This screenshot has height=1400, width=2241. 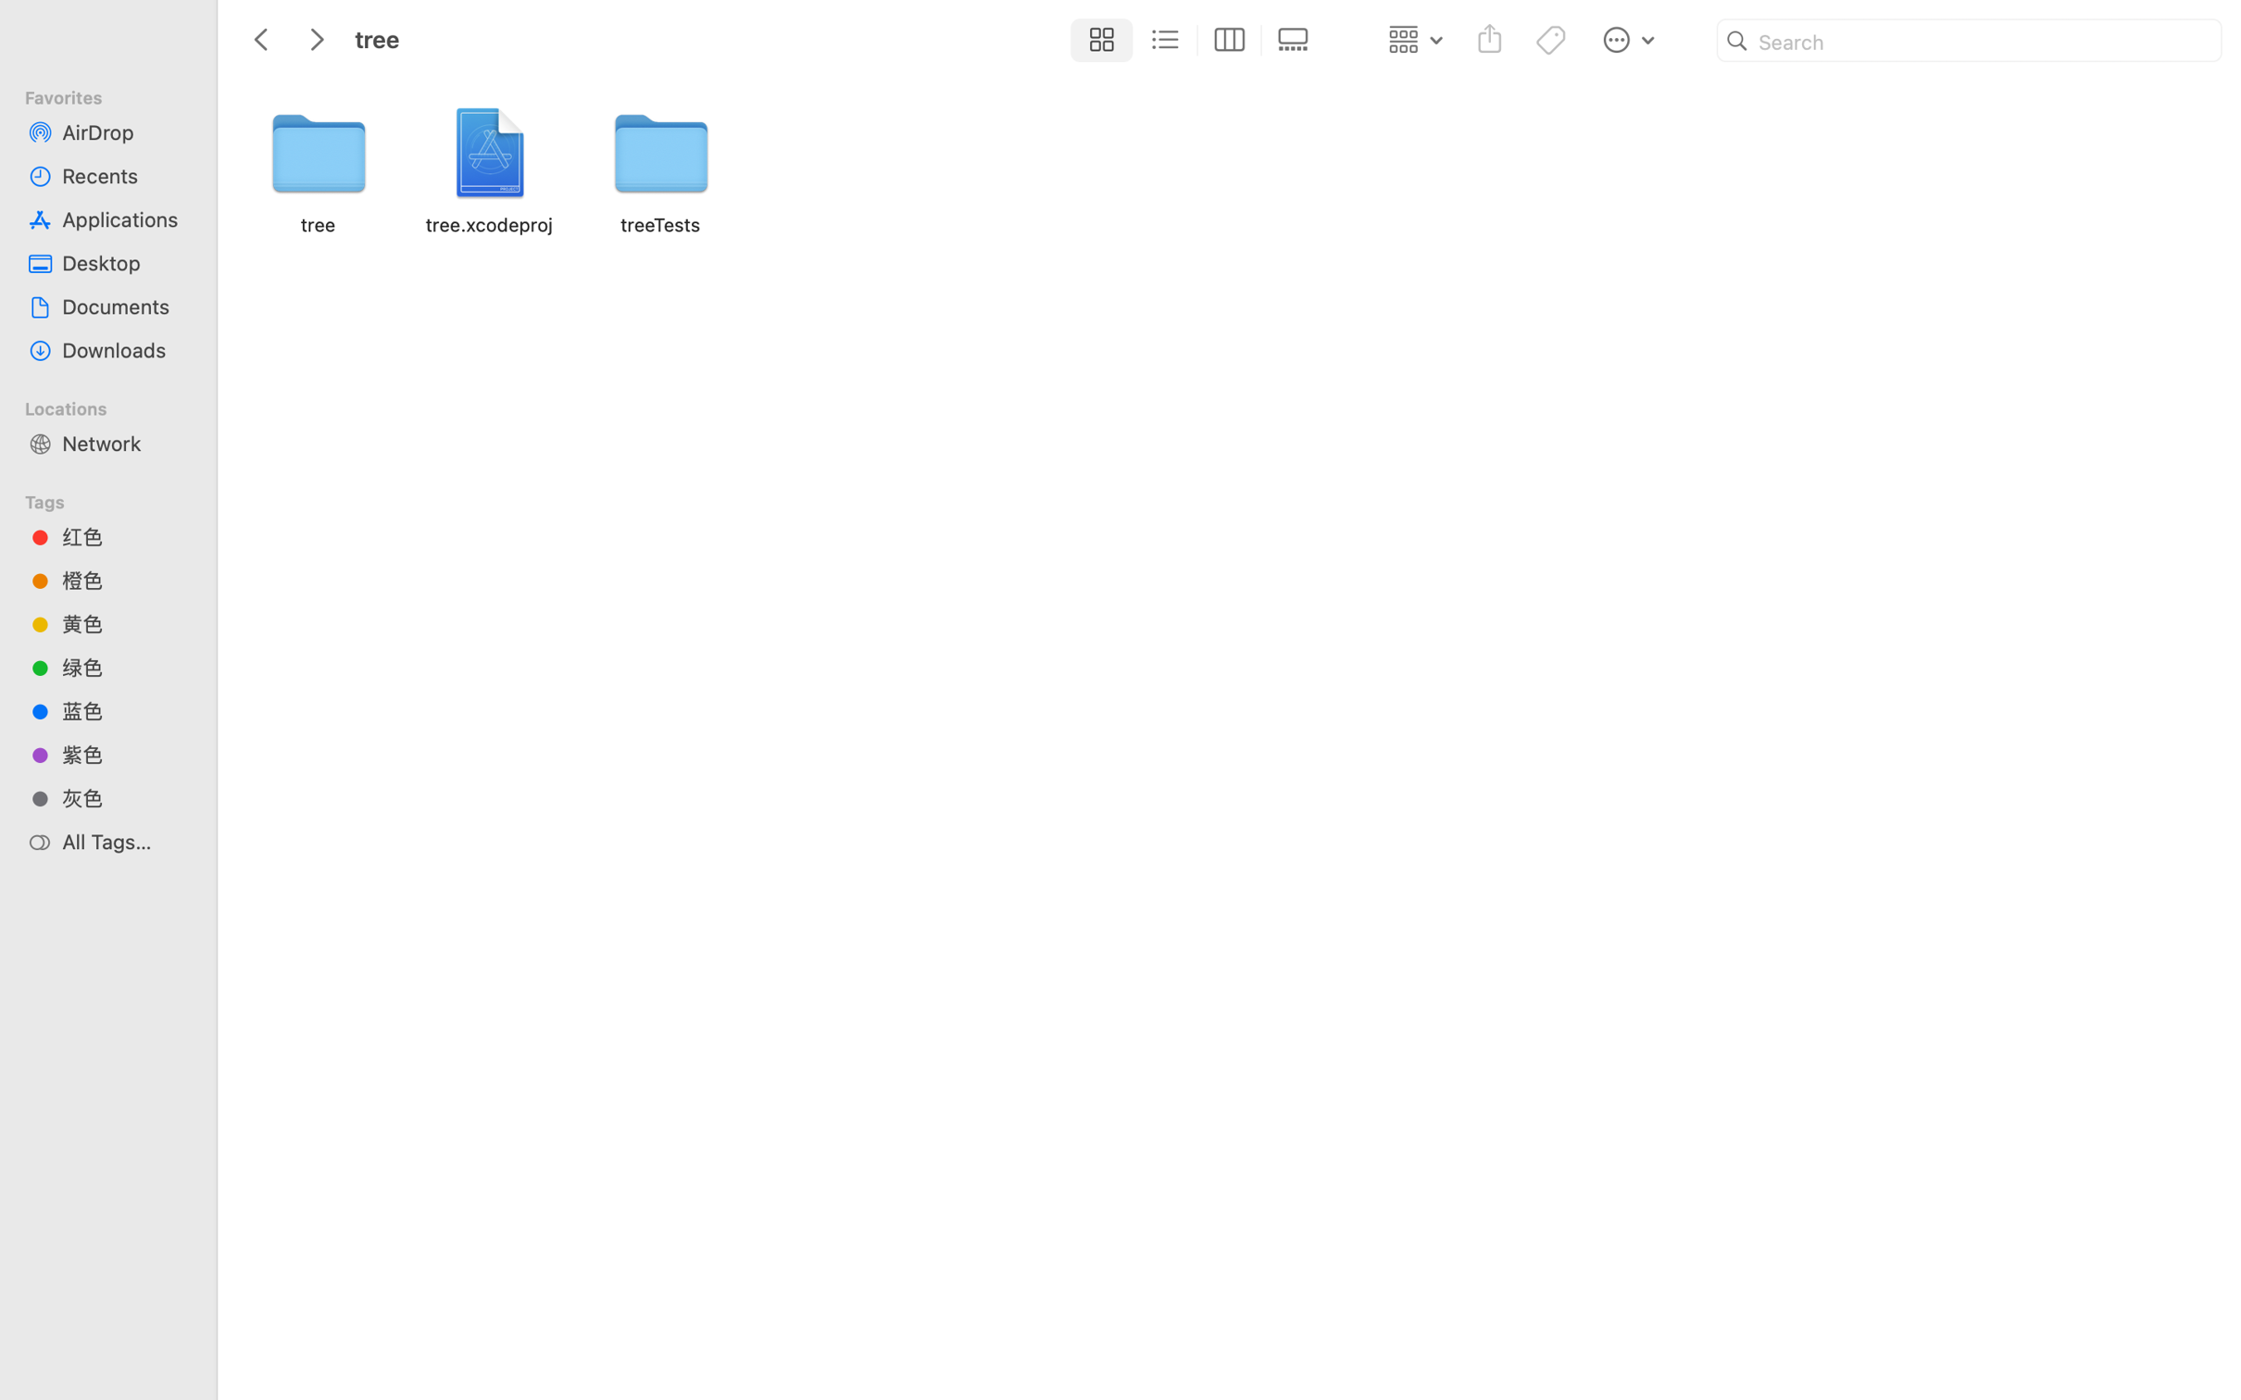 What do you see at coordinates (124, 306) in the screenshot?
I see `'Documents'` at bounding box center [124, 306].